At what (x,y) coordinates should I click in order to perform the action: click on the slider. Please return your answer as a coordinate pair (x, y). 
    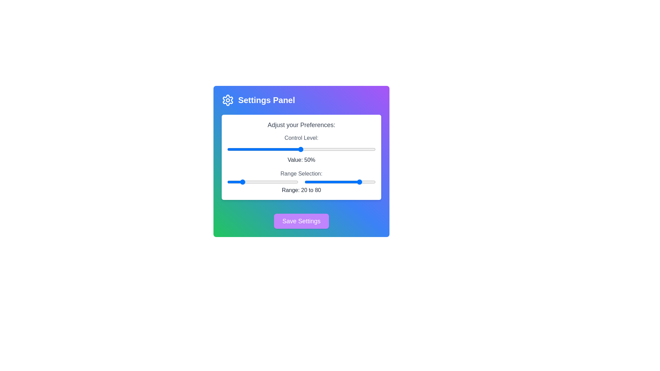
    Looking at the image, I should click on (285, 181).